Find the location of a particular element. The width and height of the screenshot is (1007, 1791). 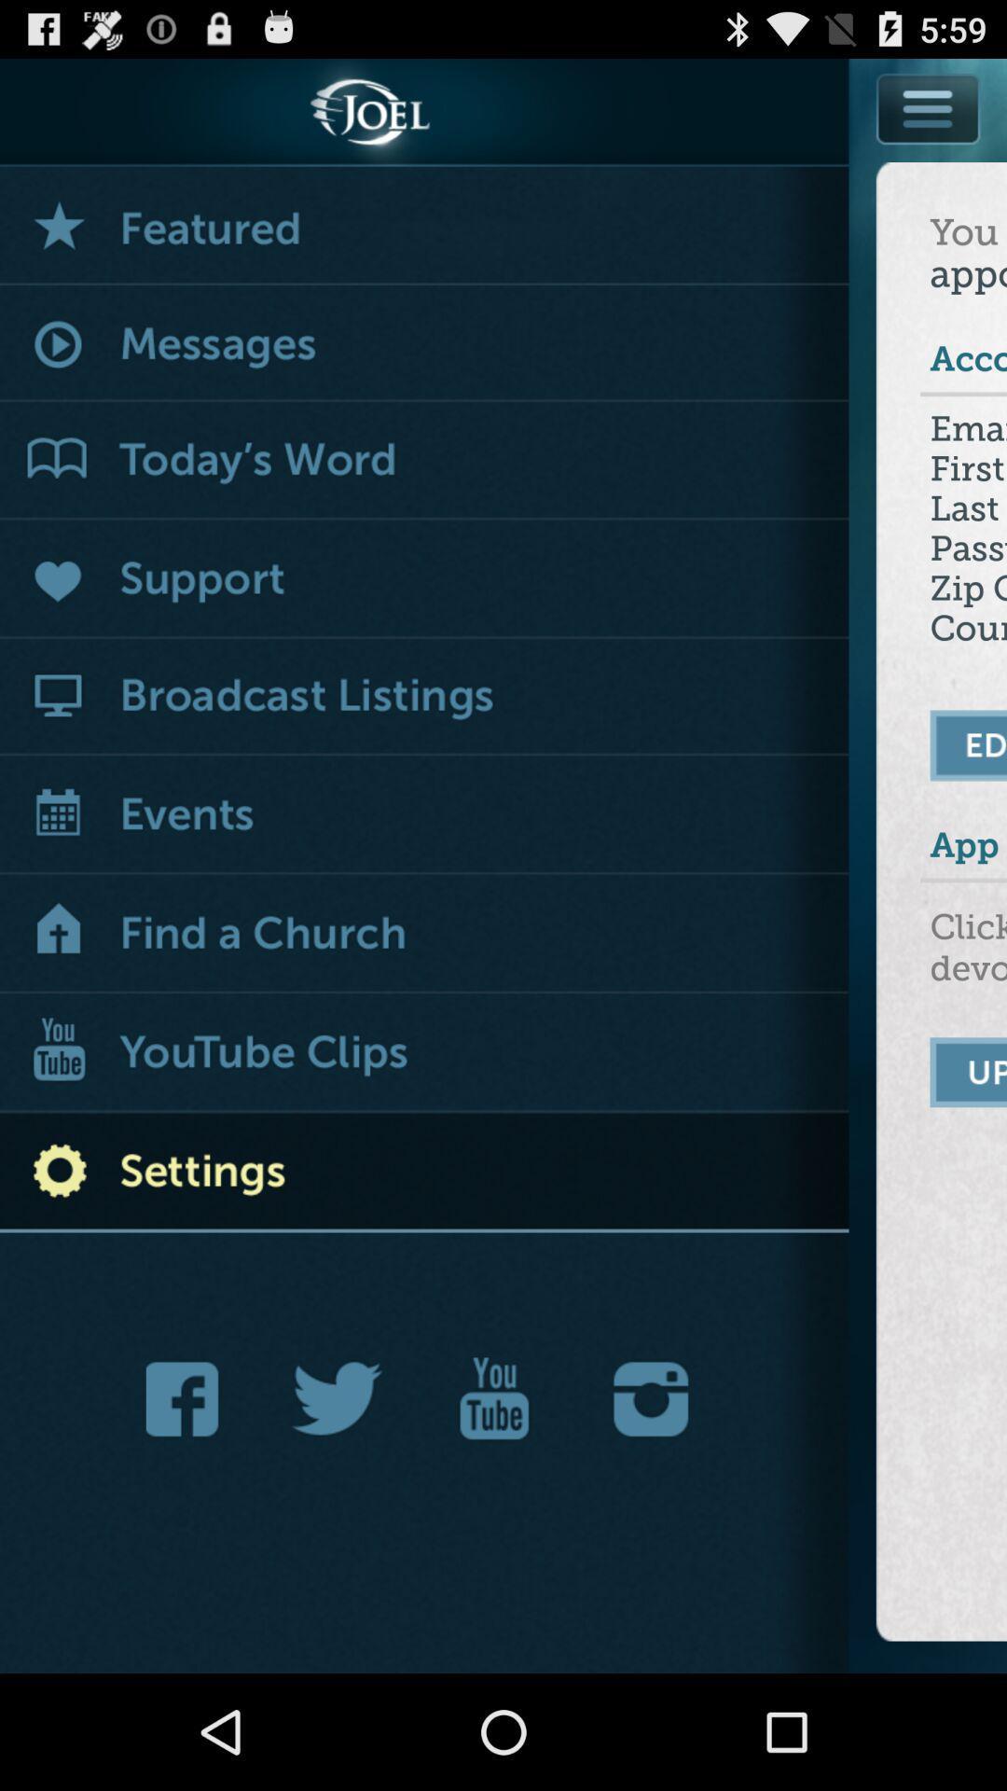

the facebook icon is located at coordinates (187, 1497).